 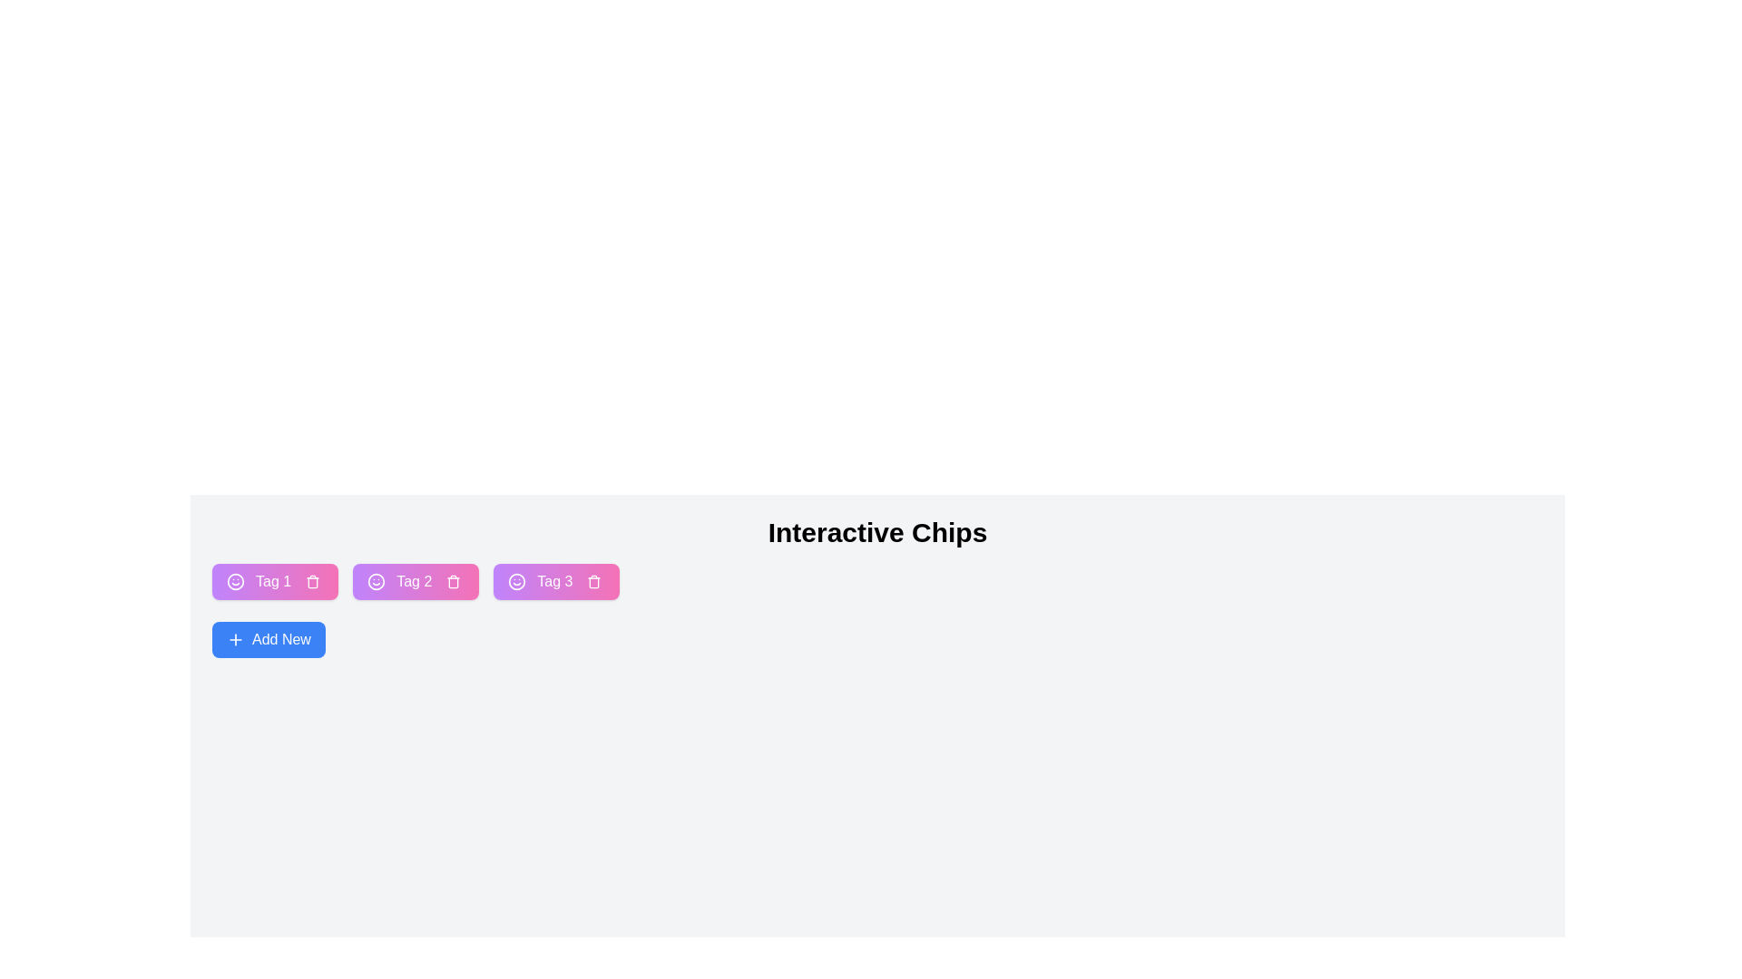 What do you see at coordinates (594, 581) in the screenshot?
I see `the remove button of the chip labeled Tag 3` at bounding box center [594, 581].